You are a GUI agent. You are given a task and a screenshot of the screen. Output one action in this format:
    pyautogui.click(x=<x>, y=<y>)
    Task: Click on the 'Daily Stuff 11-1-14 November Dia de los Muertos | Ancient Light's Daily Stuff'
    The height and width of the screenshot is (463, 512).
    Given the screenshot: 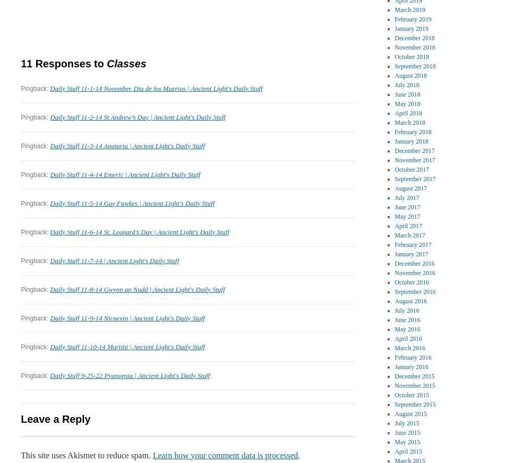 What is the action you would take?
    pyautogui.click(x=156, y=87)
    